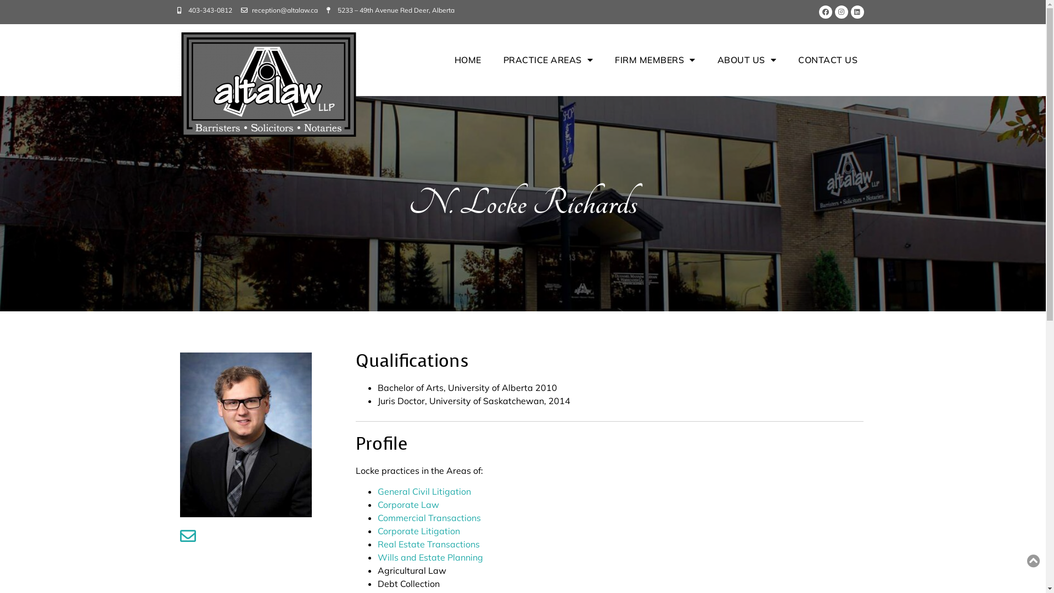 This screenshot has width=1054, height=593. What do you see at coordinates (377, 517) in the screenshot?
I see `'Commercial Transactions'` at bounding box center [377, 517].